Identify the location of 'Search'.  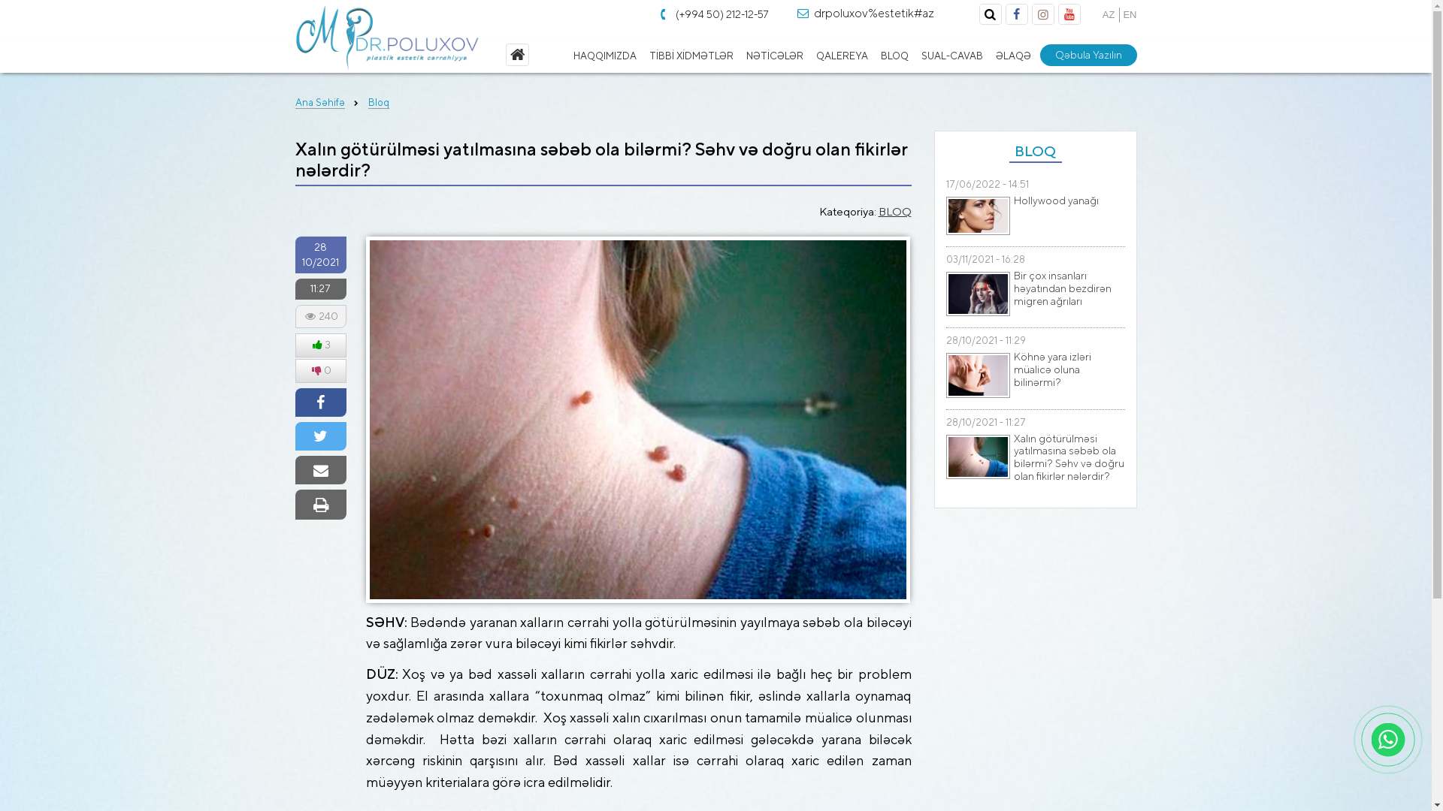
(991, 14).